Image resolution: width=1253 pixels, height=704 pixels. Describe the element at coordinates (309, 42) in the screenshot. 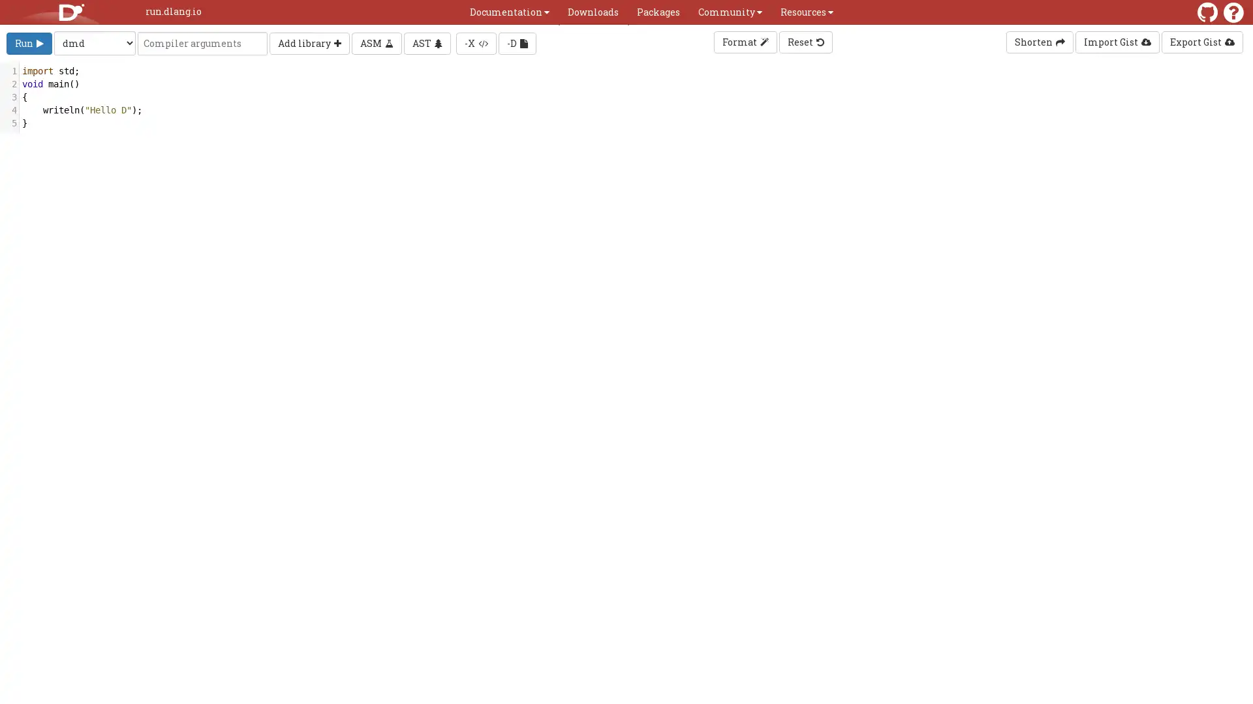

I see `Add library` at that location.